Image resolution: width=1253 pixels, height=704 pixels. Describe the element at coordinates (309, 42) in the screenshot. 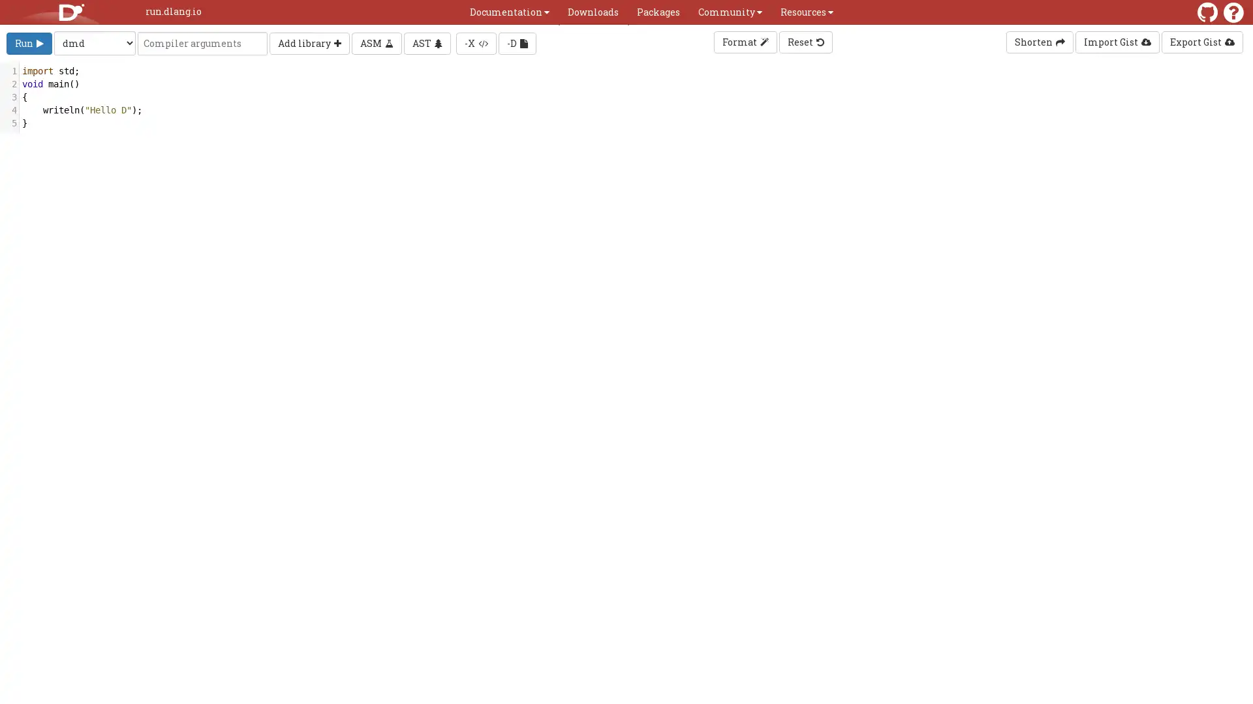

I see `Add library` at that location.